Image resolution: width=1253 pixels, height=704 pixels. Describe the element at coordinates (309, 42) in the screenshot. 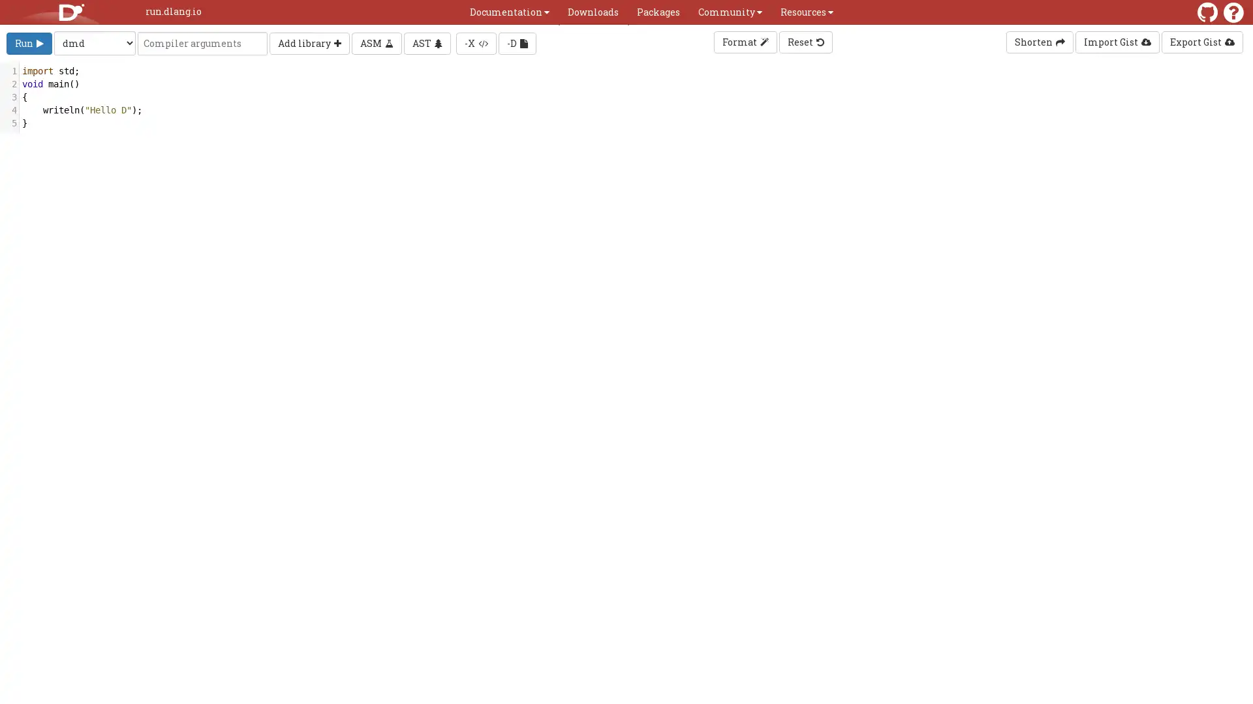

I see `Add library` at that location.